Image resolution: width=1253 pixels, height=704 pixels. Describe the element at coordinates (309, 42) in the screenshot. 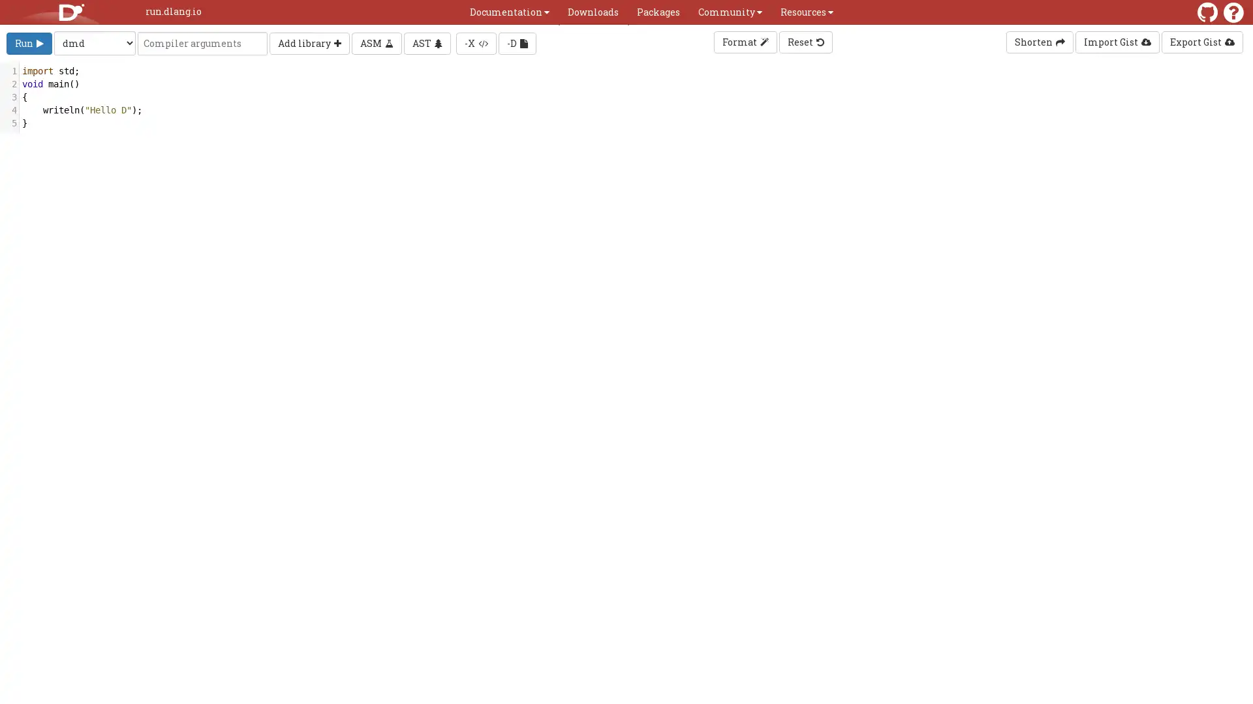

I see `Add library` at that location.